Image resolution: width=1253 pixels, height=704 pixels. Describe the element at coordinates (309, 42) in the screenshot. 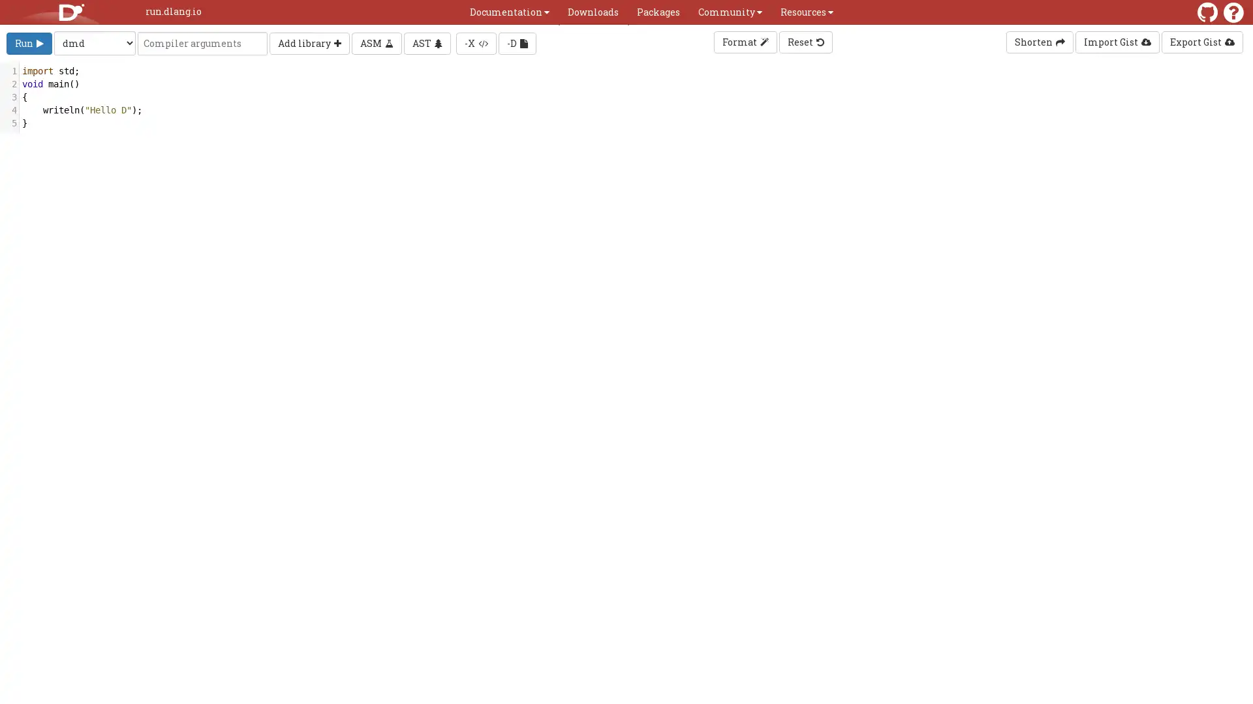

I see `Add library` at that location.